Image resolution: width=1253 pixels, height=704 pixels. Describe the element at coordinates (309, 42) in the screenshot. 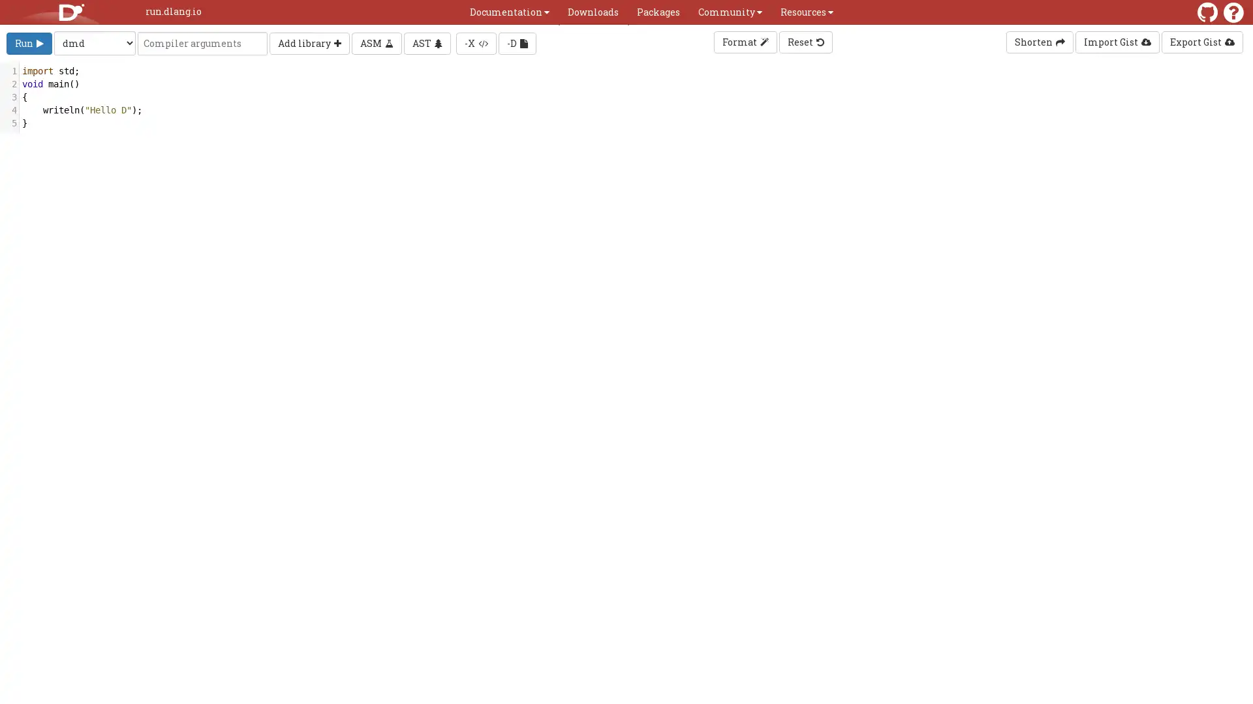

I see `Add library` at that location.